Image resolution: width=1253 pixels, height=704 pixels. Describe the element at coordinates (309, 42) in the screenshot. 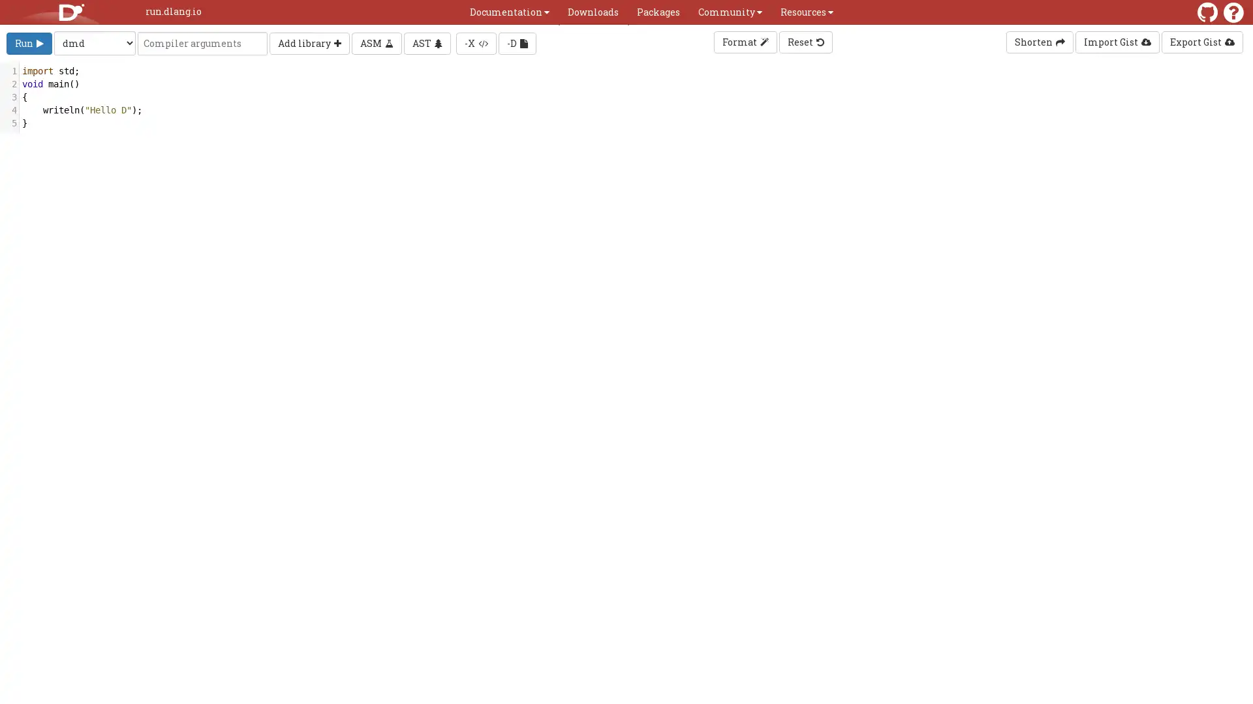

I see `Add library` at that location.